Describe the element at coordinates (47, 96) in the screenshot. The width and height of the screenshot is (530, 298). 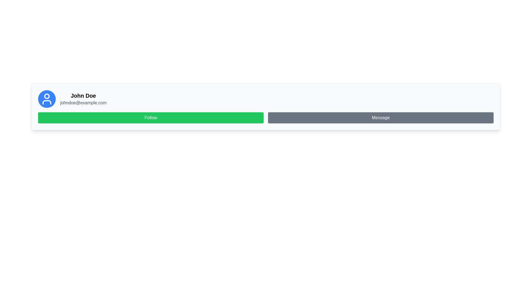
I see `the SVG circle graphic representing the user's head in the profile icon` at that location.